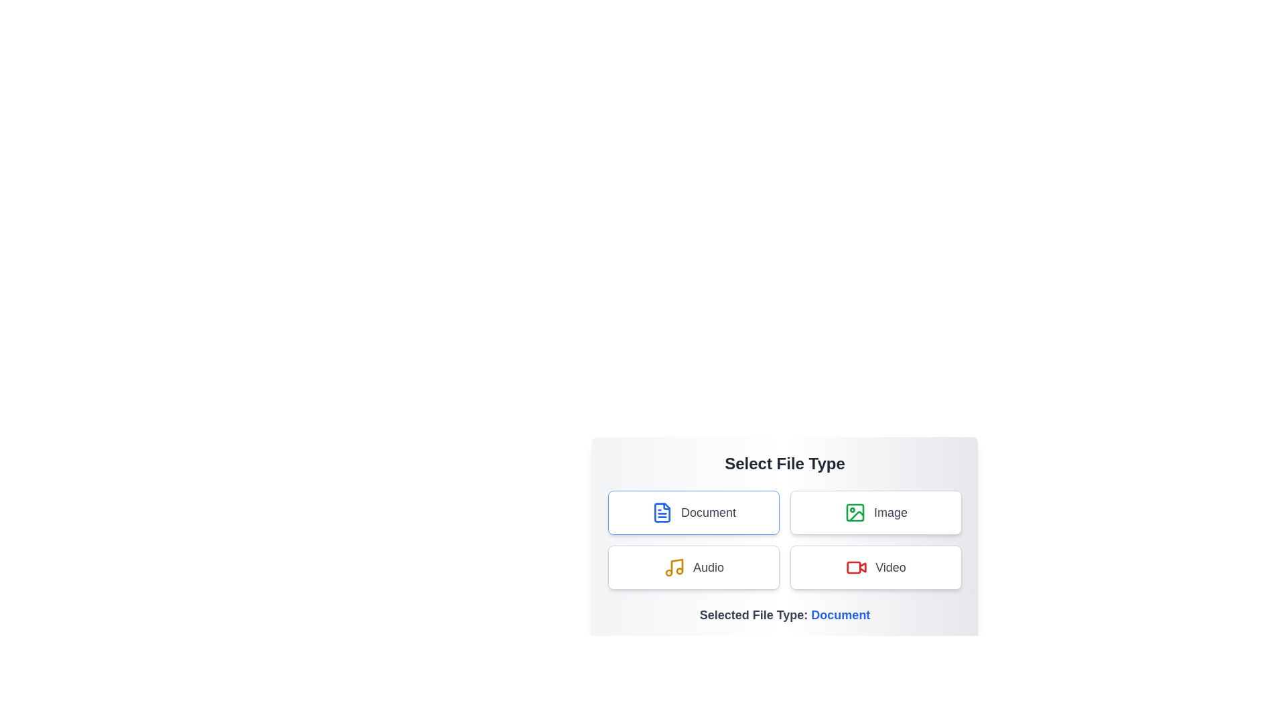 This screenshot has width=1286, height=723. What do you see at coordinates (855, 568) in the screenshot?
I see `the video file type icon located to the left of the 'Video' text label within the 'Video' selection button` at bounding box center [855, 568].